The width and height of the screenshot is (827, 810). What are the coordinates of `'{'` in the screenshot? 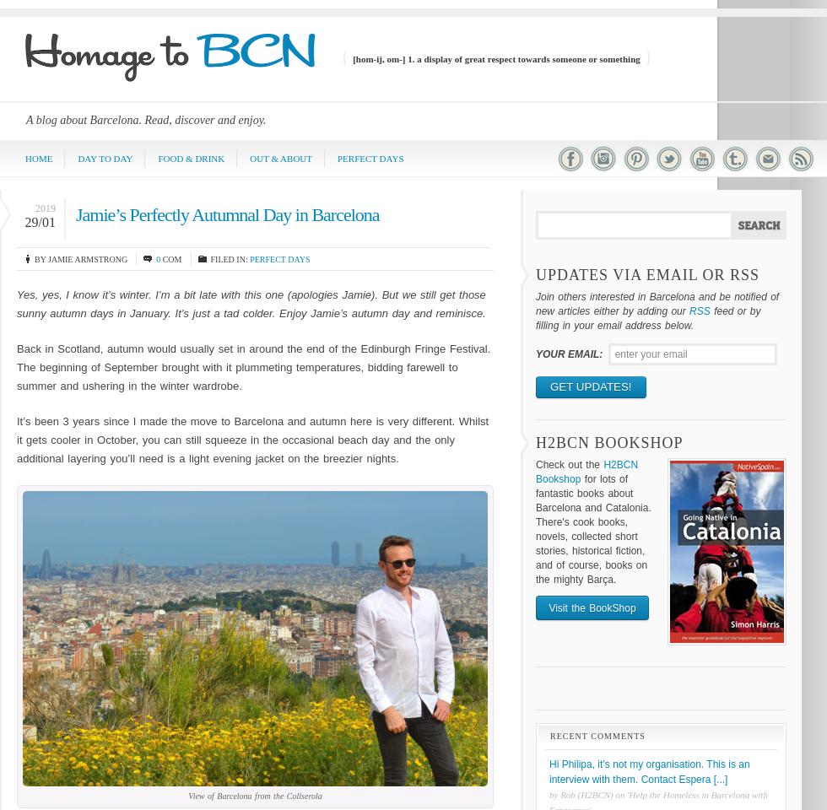 It's located at (340, 57).